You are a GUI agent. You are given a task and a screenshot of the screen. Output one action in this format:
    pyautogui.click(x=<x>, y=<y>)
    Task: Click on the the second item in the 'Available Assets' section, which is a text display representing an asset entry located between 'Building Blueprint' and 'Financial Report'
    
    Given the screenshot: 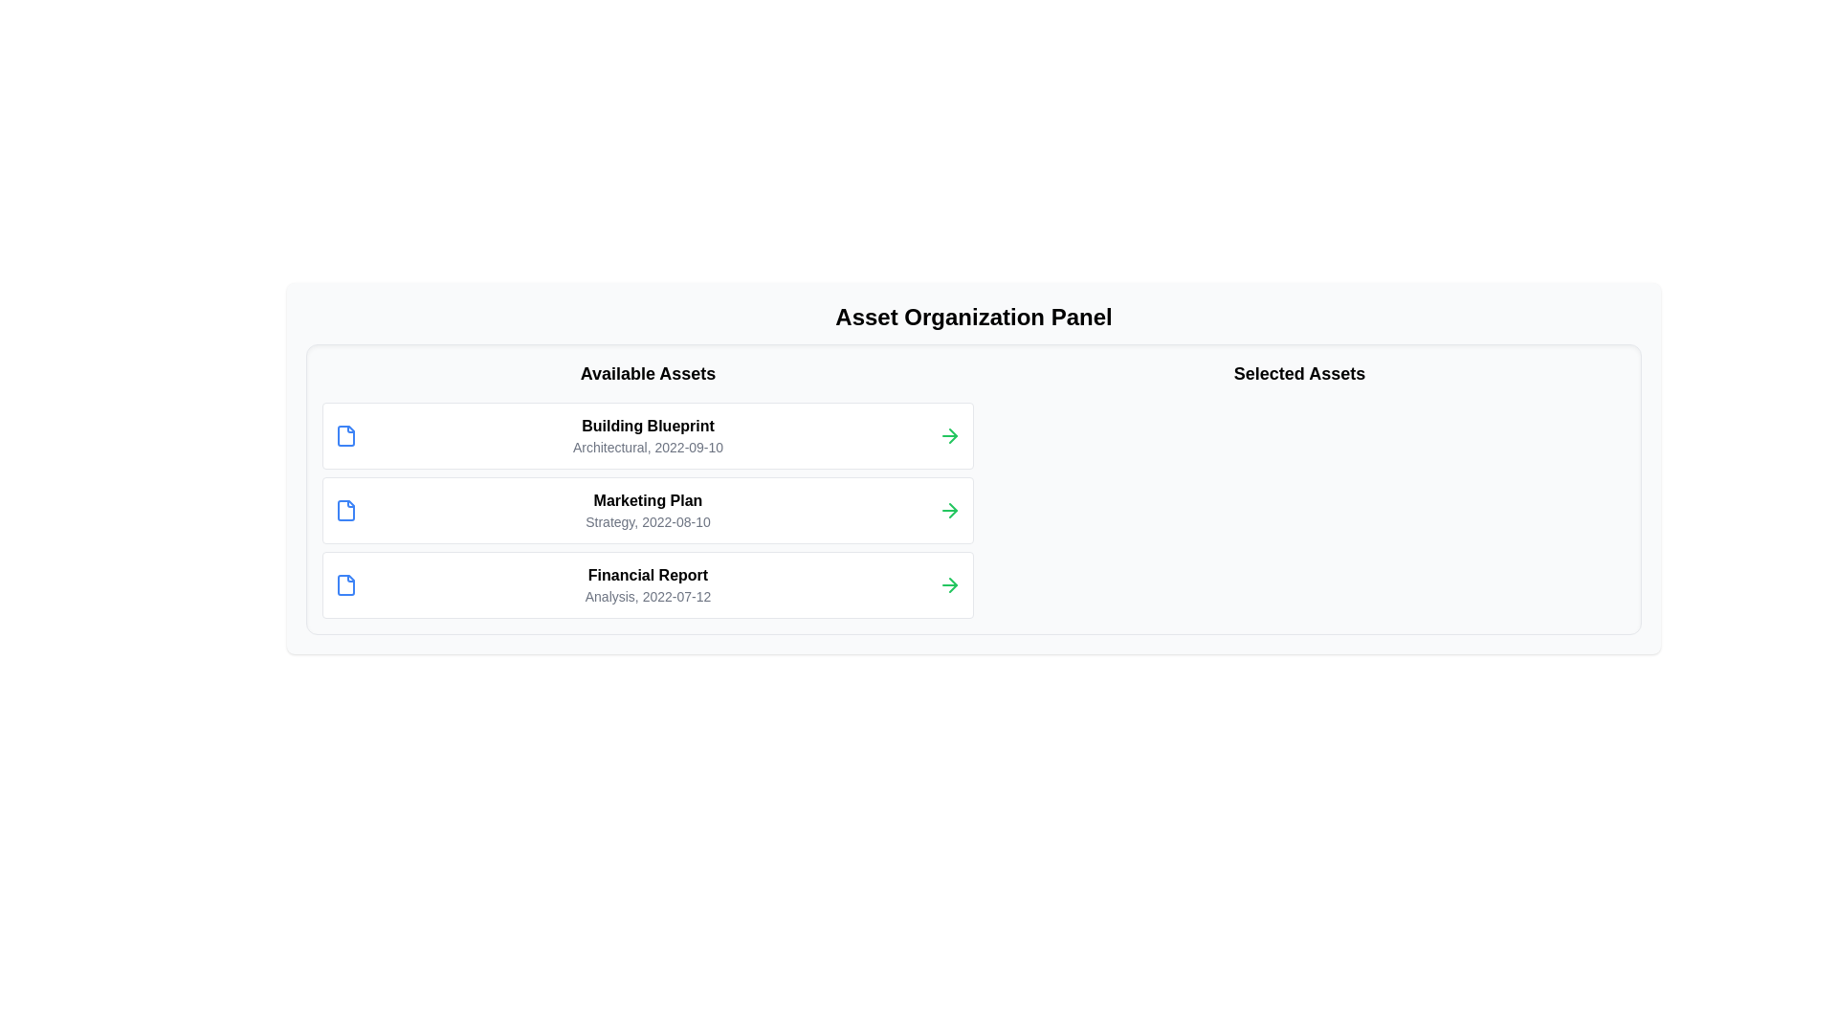 What is the action you would take?
    pyautogui.click(x=648, y=509)
    